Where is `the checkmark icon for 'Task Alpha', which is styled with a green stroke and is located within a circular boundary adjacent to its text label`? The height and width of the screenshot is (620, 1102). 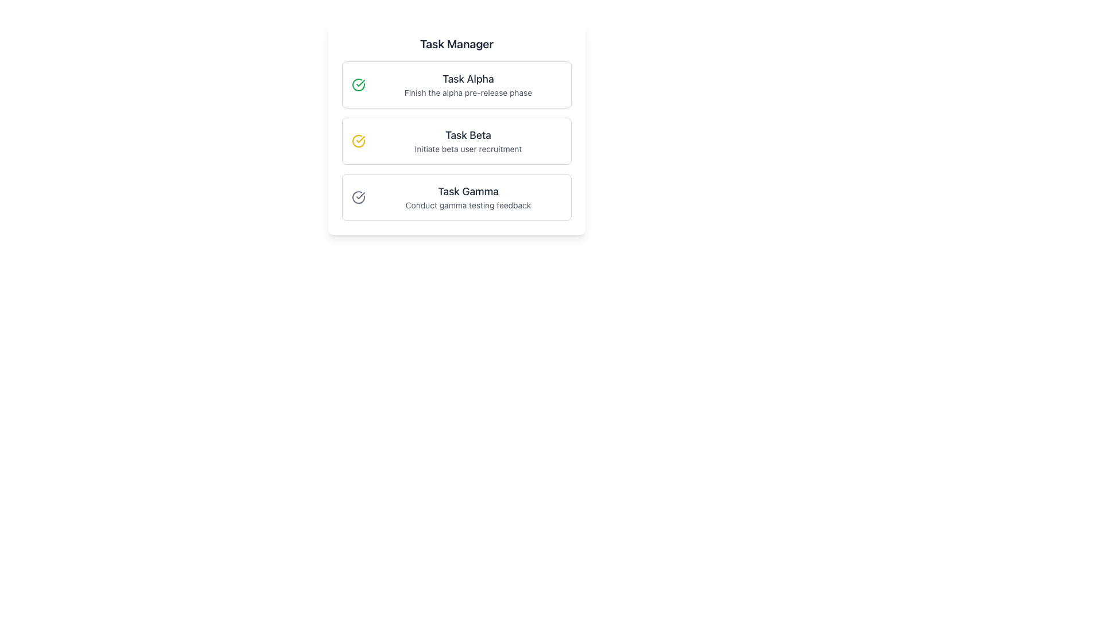
the checkmark icon for 'Task Alpha', which is styled with a green stroke and is located within a circular boundary adjacent to its text label is located at coordinates (360, 83).